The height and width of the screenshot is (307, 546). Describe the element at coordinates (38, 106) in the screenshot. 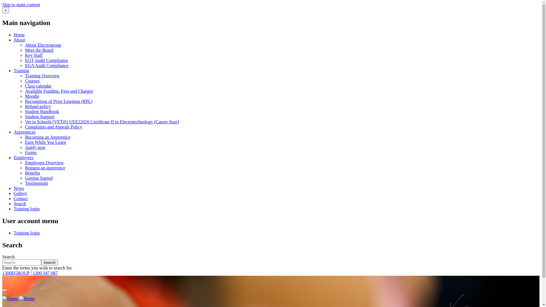

I see `'Refund policy'` at that location.